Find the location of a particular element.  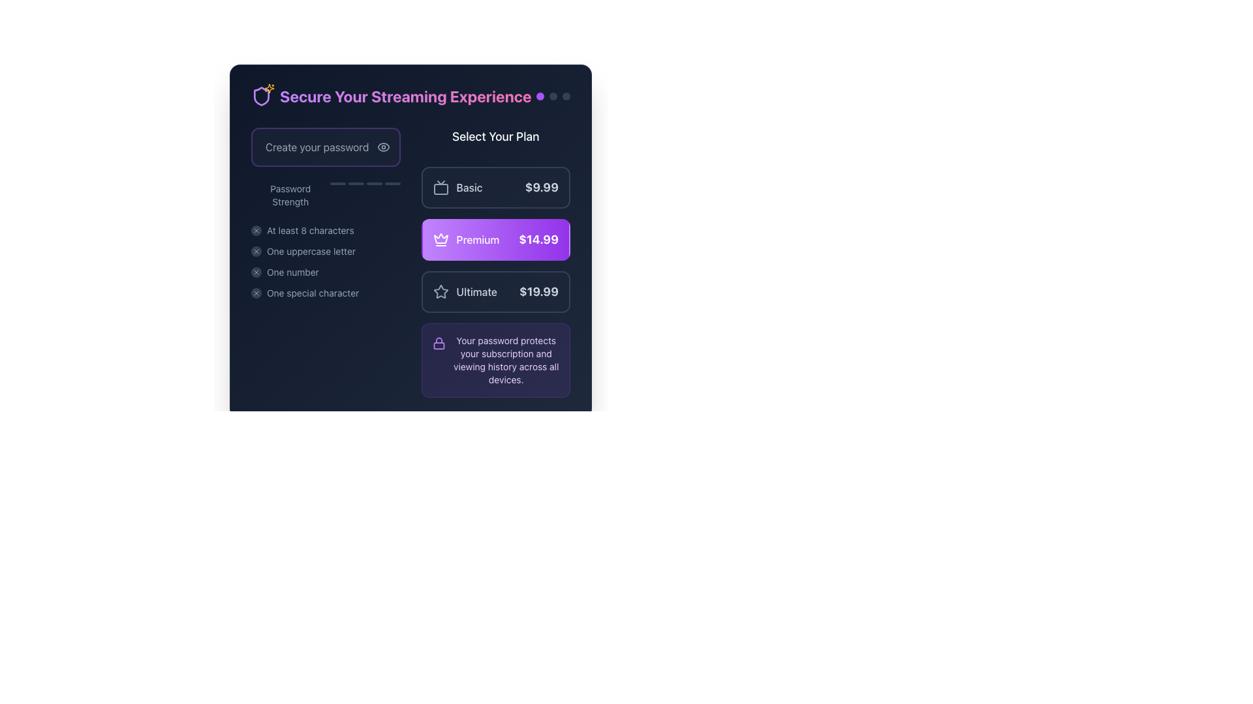

the 'Premium' subscription plan button located in the center of the subscription plans group is located at coordinates (495, 239).